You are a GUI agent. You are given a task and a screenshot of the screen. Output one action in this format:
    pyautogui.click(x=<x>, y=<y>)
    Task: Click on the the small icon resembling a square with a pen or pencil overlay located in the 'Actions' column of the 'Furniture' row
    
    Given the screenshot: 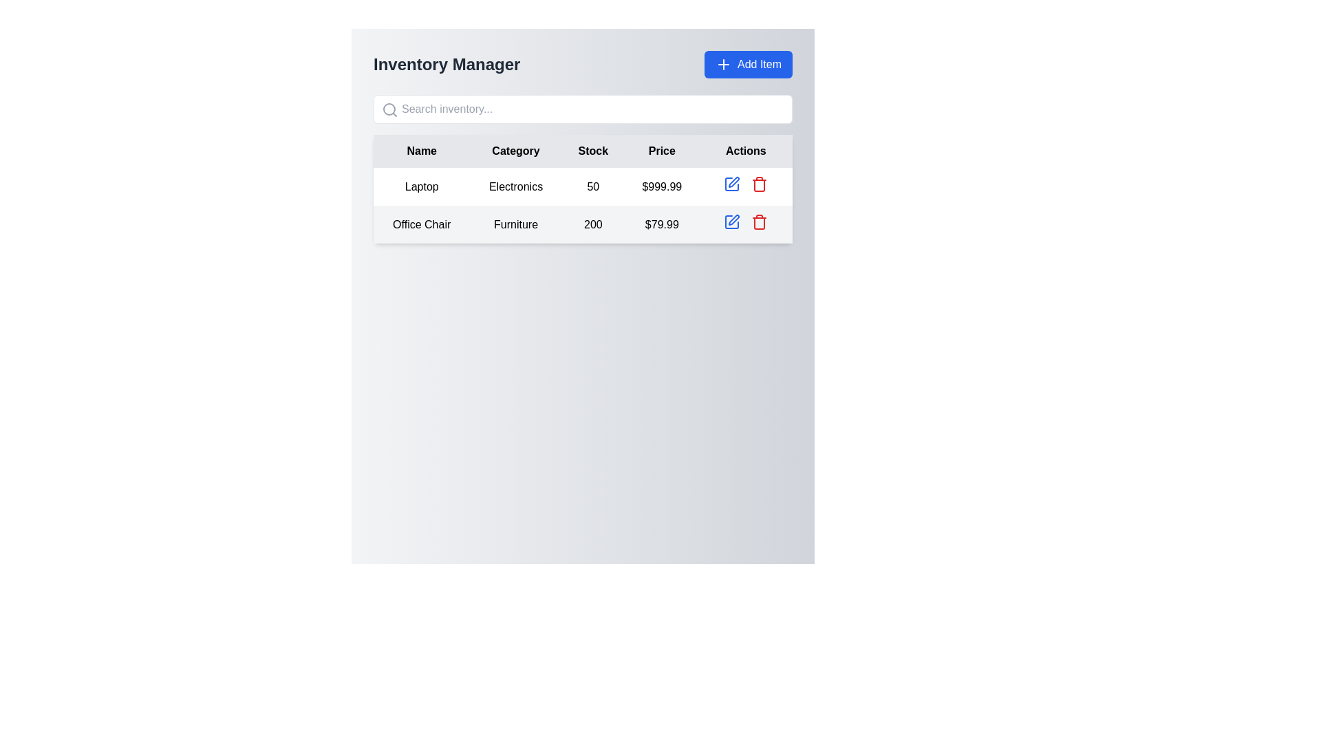 What is the action you would take?
    pyautogui.click(x=731, y=222)
    